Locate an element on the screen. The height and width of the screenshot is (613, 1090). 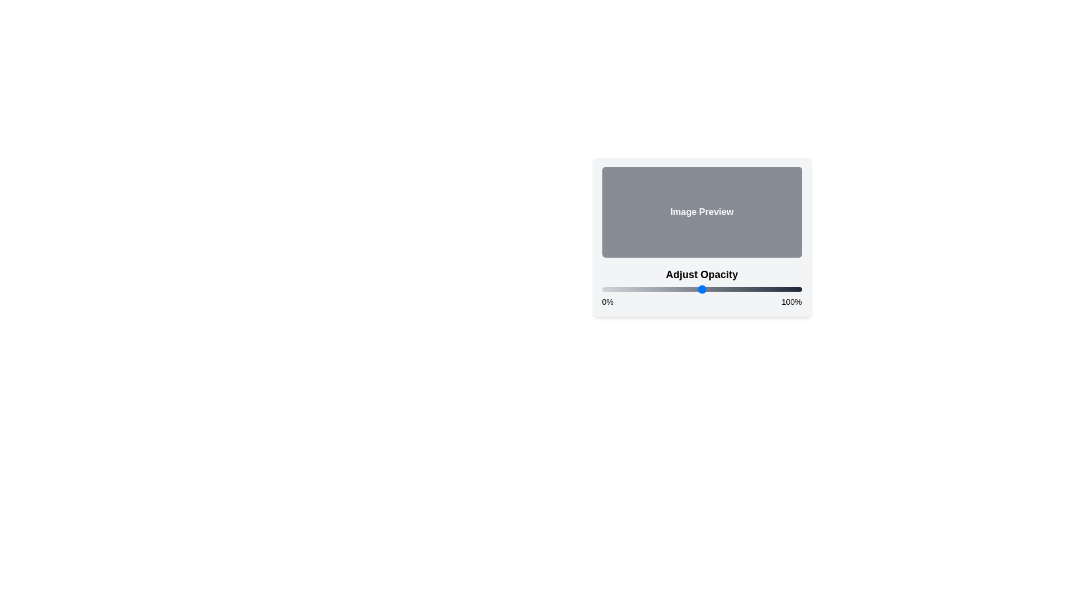
the text-based label component displaying '0%' and '100%' located directly below the 'Adjust Opacity' gradient slider is located at coordinates (701, 301).